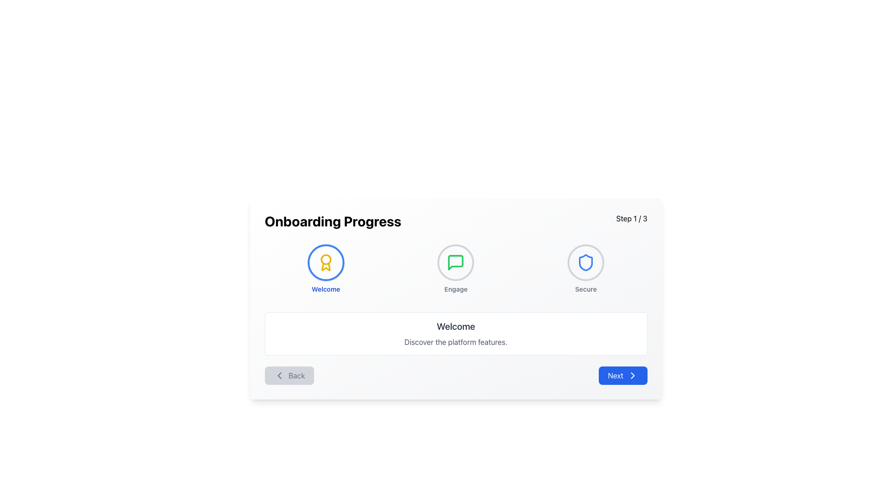  What do you see at coordinates (585, 262) in the screenshot?
I see `the 'Secure' step icon within the onboarding process, which is the third icon in a horizontal alignment of steps labeled 'Welcome', 'Engage', and 'Secure'` at bounding box center [585, 262].